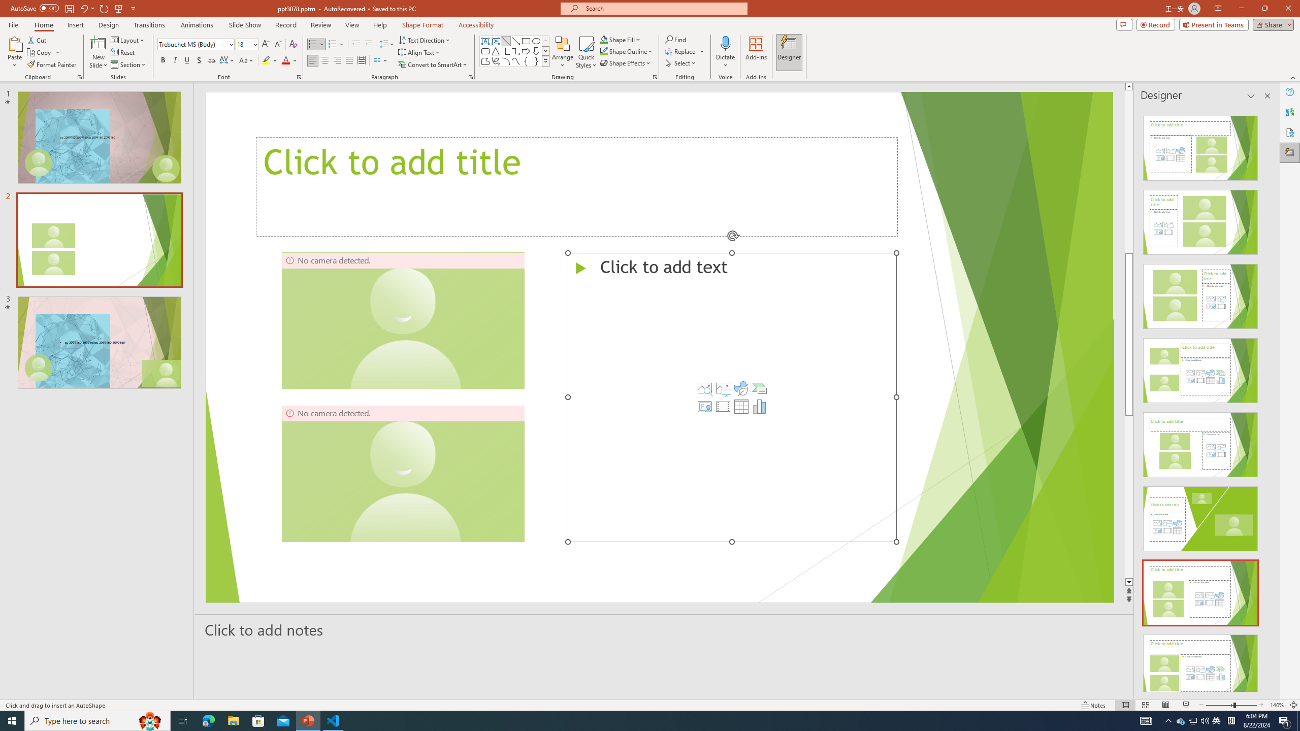  What do you see at coordinates (422, 25) in the screenshot?
I see `'Shape Format'` at bounding box center [422, 25].